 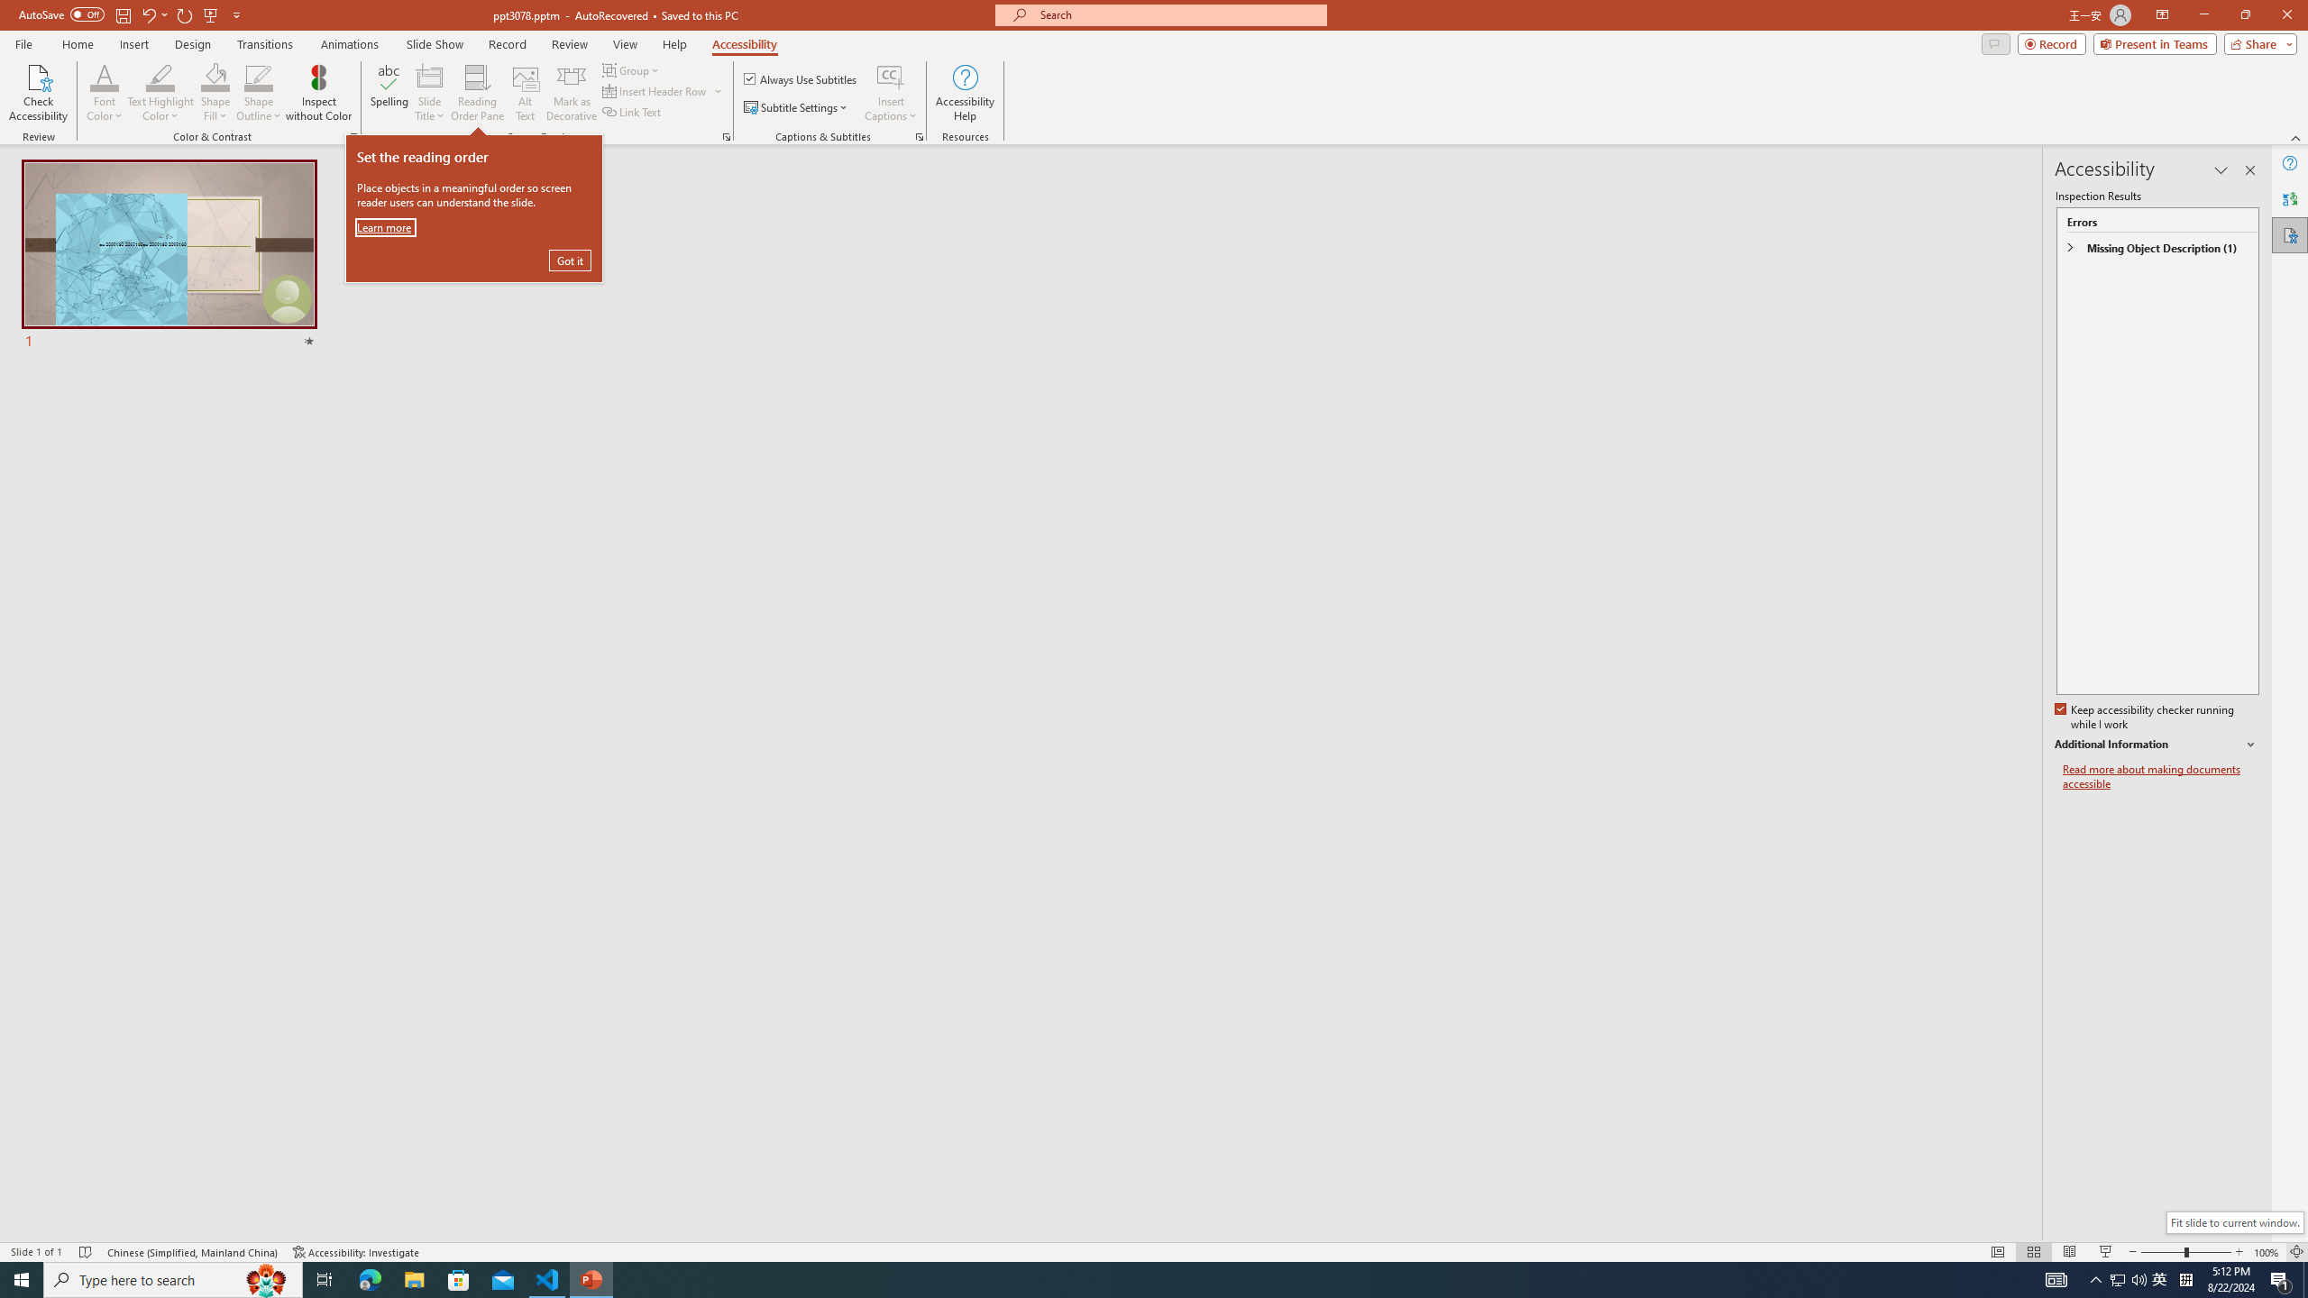 I want to click on 'Keep accessibility checker running while I work', so click(x=2146, y=718).